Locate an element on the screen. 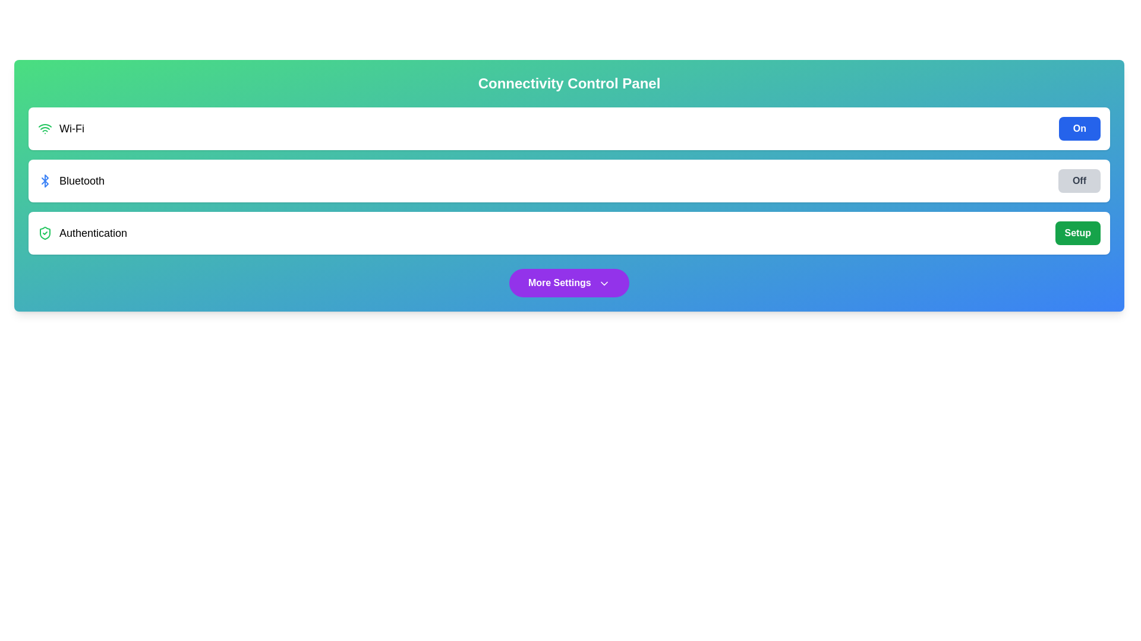 Image resolution: width=1141 pixels, height=641 pixels. the label with an icon that describes authentication settings for accessibility navigation is located at coordinates (82, 233).